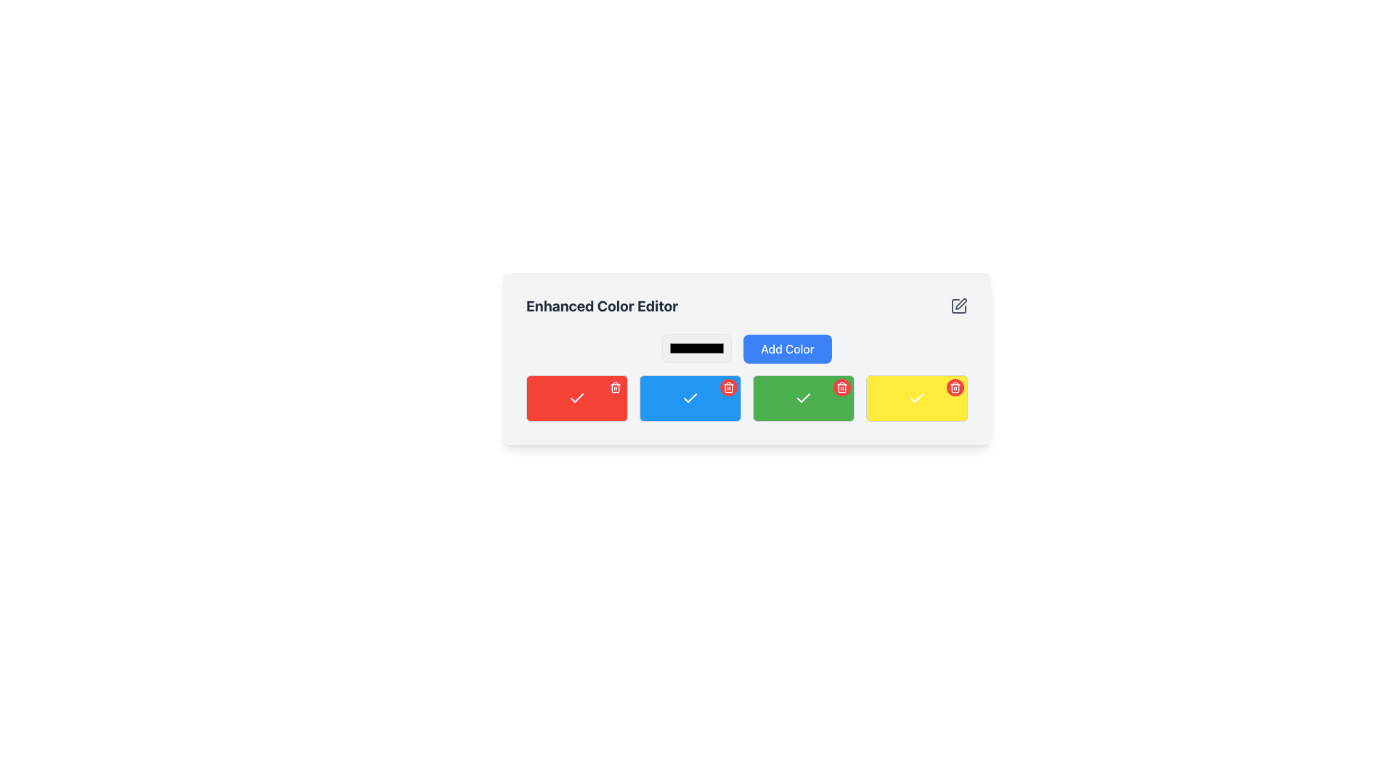 The width and height of the screenshot is (1394, 784). Describe the element at coordinates (961, 303) in the screenshot. I see `the pen tool icon located in the top-right corner of the 'Enhanced Color Editor' interface` at that location.